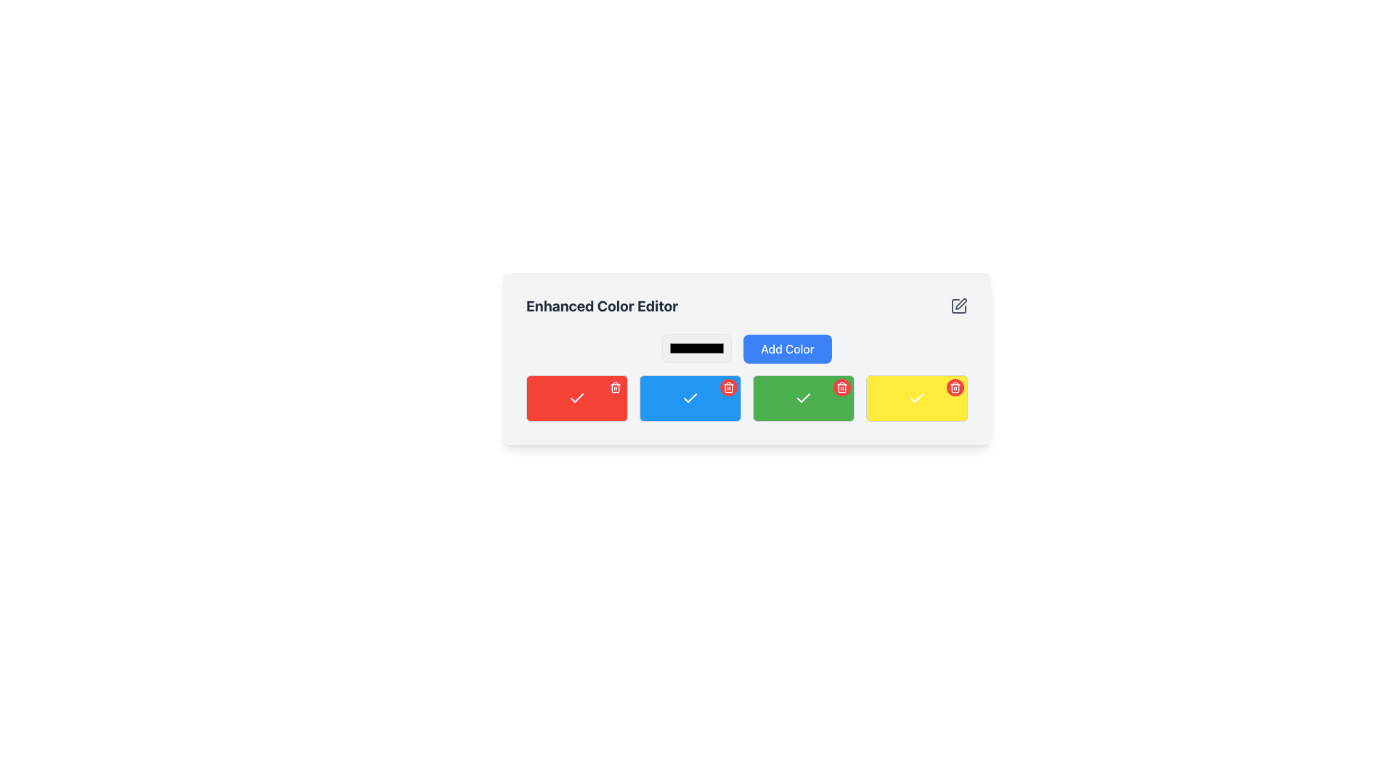 The width and height of the screenshot is (1394, 784). Describe the element at coordinates (961, 303) in the screenshot. I see `the pen tool icon located in the top-right corner of the 'Enhanced Color Editor' interface` at that location.